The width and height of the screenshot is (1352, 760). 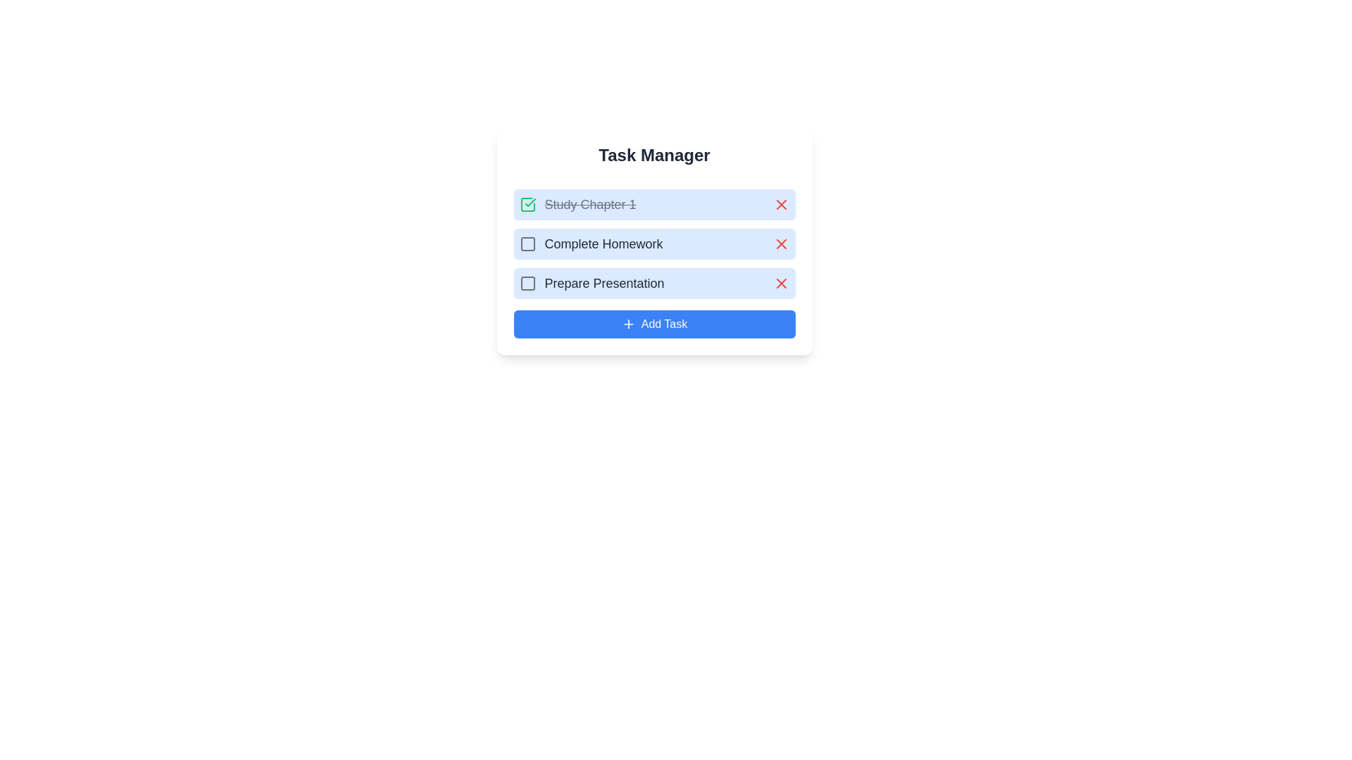 I want to click on the 'Complete Homework' checkbox label, so click(x=591, y=243).